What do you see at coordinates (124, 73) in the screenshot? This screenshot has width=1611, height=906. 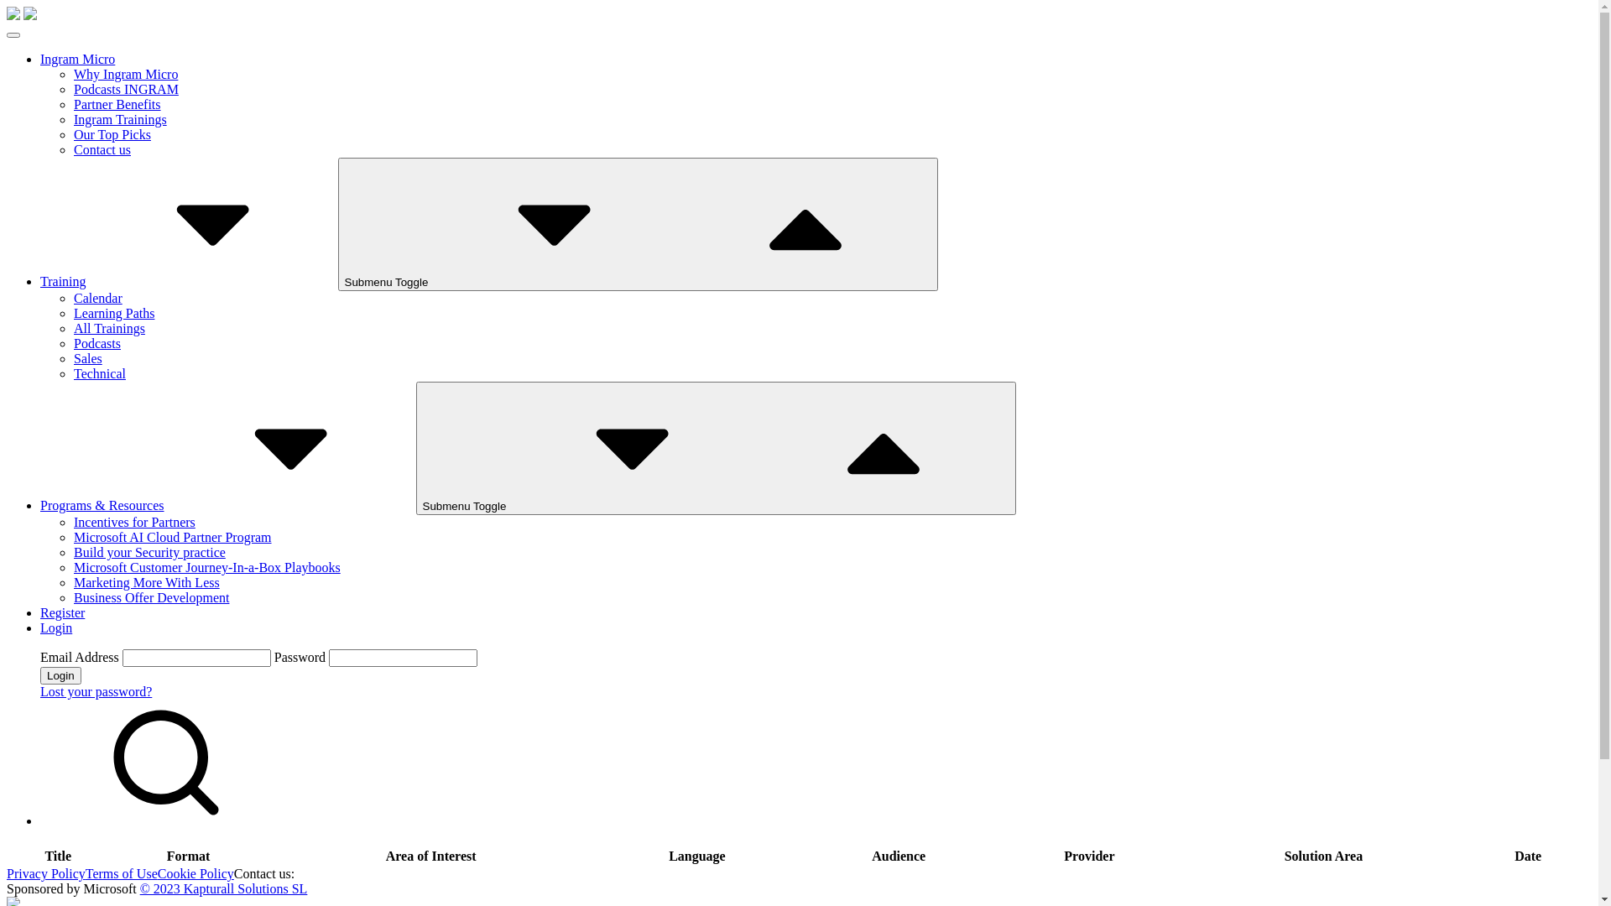 I see `'Why Ingram Micro'` at bounding box center [124, 73].